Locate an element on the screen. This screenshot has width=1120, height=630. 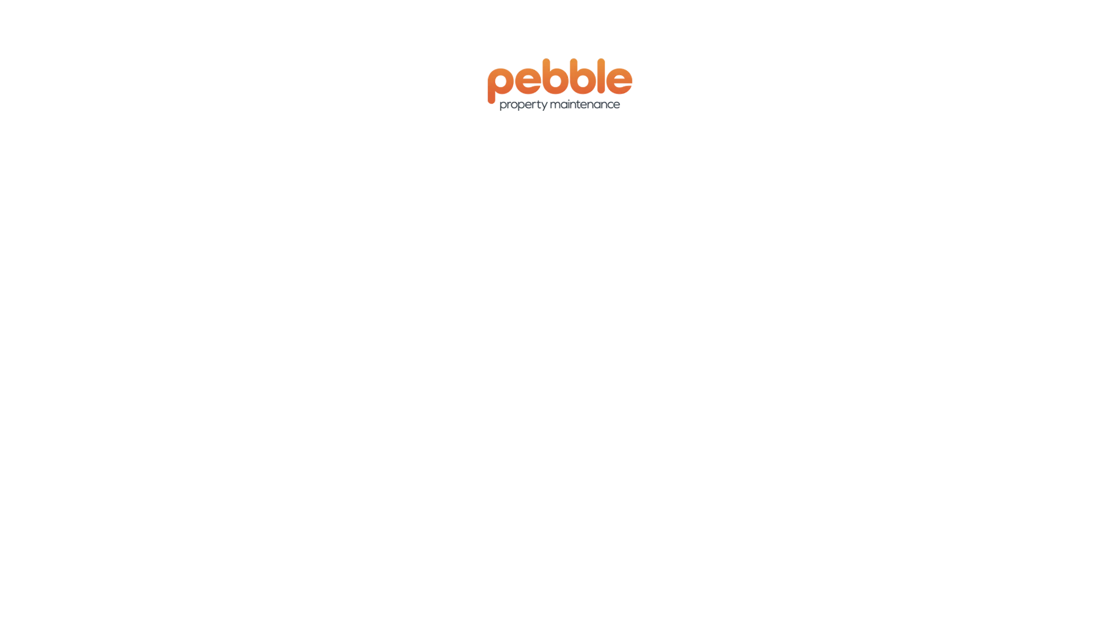
'Property maintenance & handyman services Sunshine Coast' is located at coordinates (560, 84).